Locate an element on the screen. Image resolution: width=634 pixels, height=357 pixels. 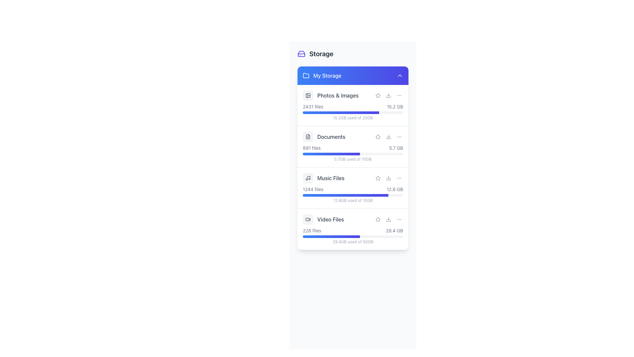
the text element displaying '891 files' is located at coordinates (311, 147).